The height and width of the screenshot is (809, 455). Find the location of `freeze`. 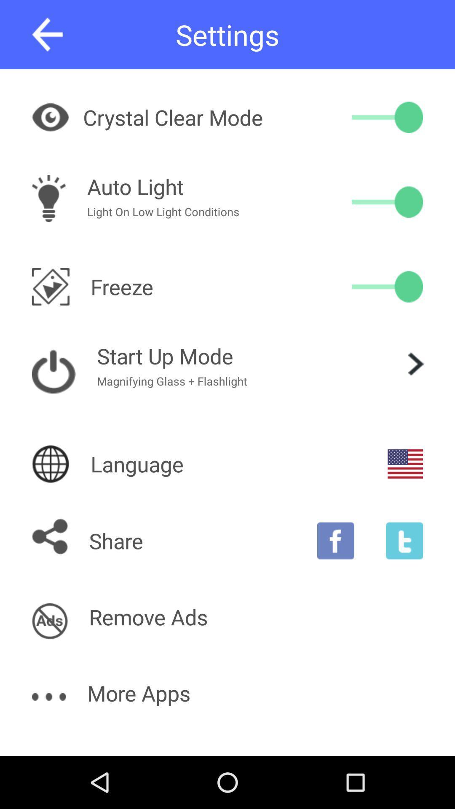

freeze is located at coordinates (387, 287).